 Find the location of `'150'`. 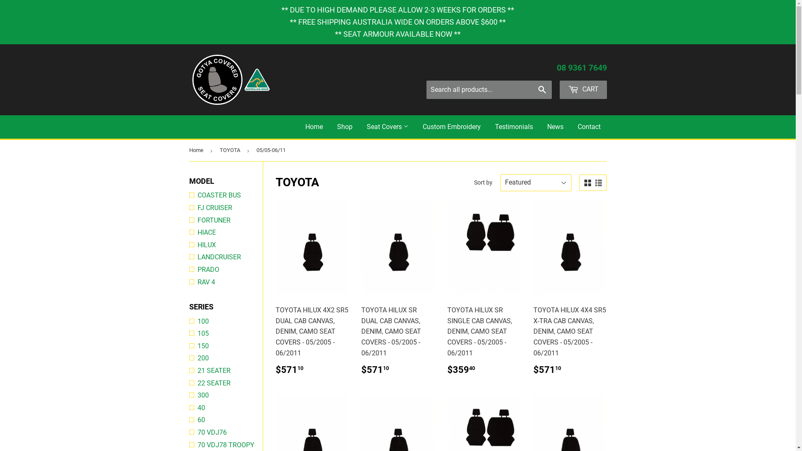

'150' is located at coordinates (225, 346).